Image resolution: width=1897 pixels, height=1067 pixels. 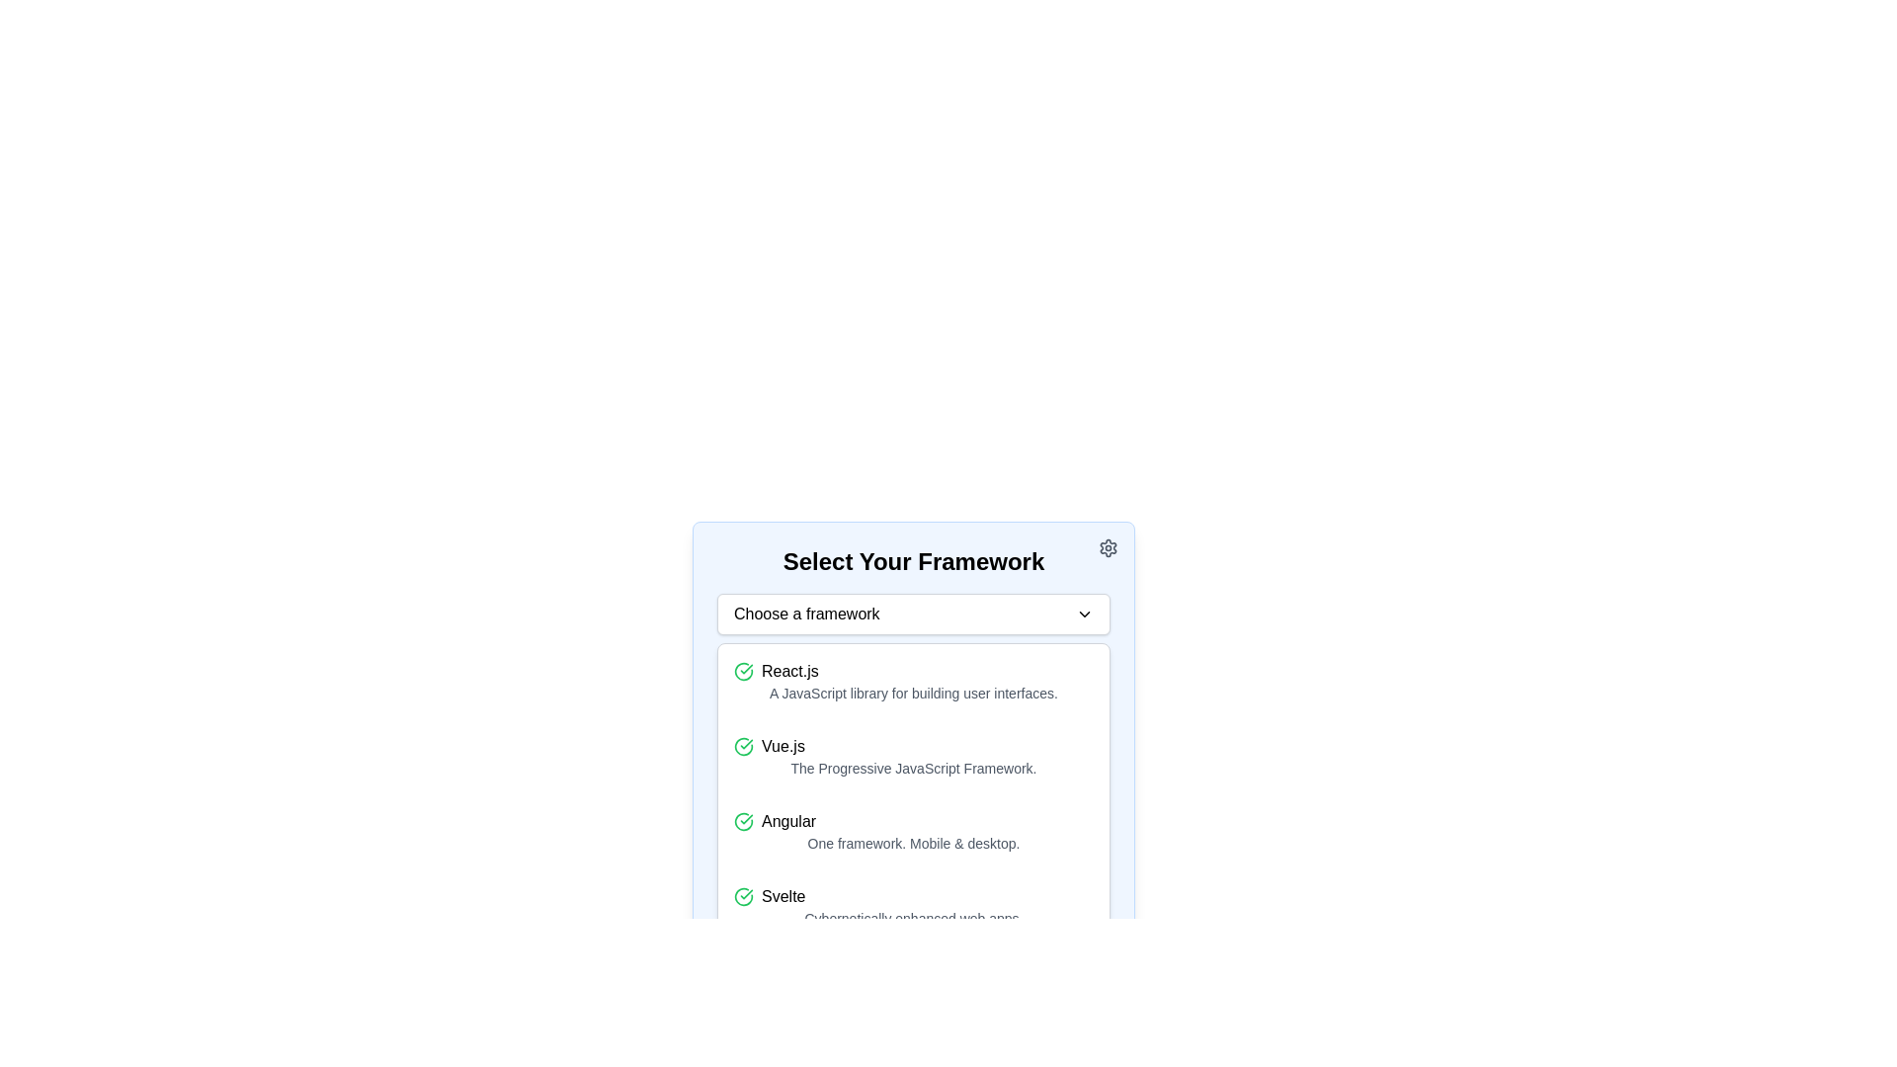 I want to click on the downward-facing chevron icon located at the top-right corner of the 'Choose a framework' dropdown, so click(x=1084, y=613).